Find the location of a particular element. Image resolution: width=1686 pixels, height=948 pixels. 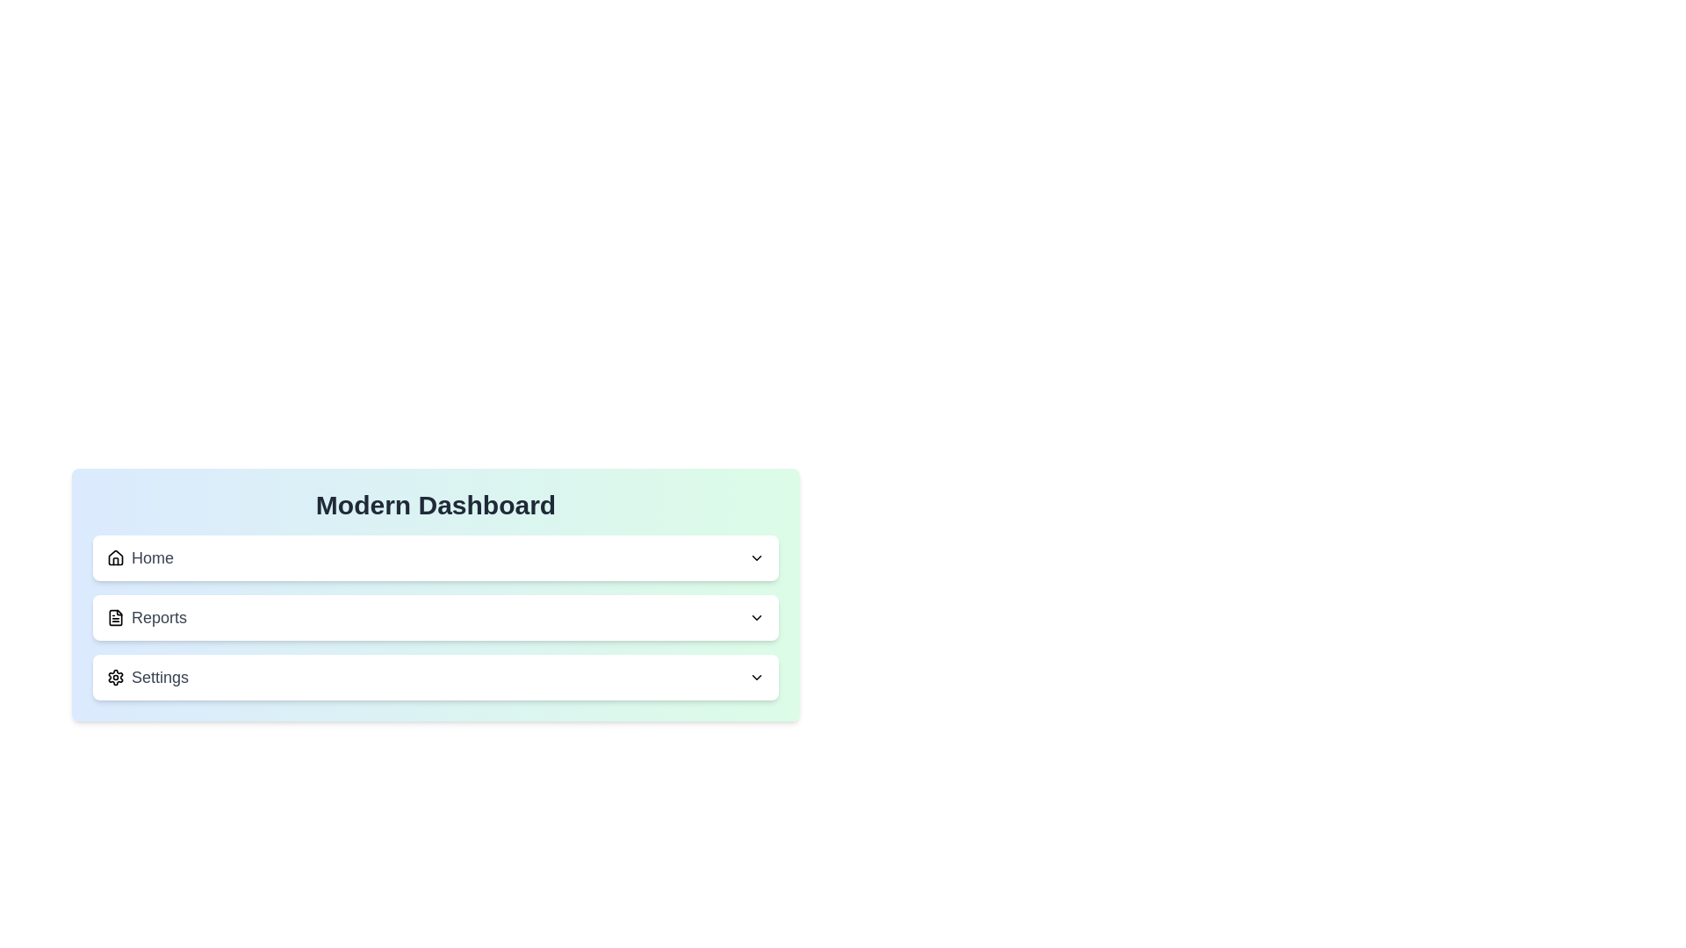

the 'Settings' button located at the bottom of the card interface to trigger tooltip or highlight effects is located at coordinates (436, 676).